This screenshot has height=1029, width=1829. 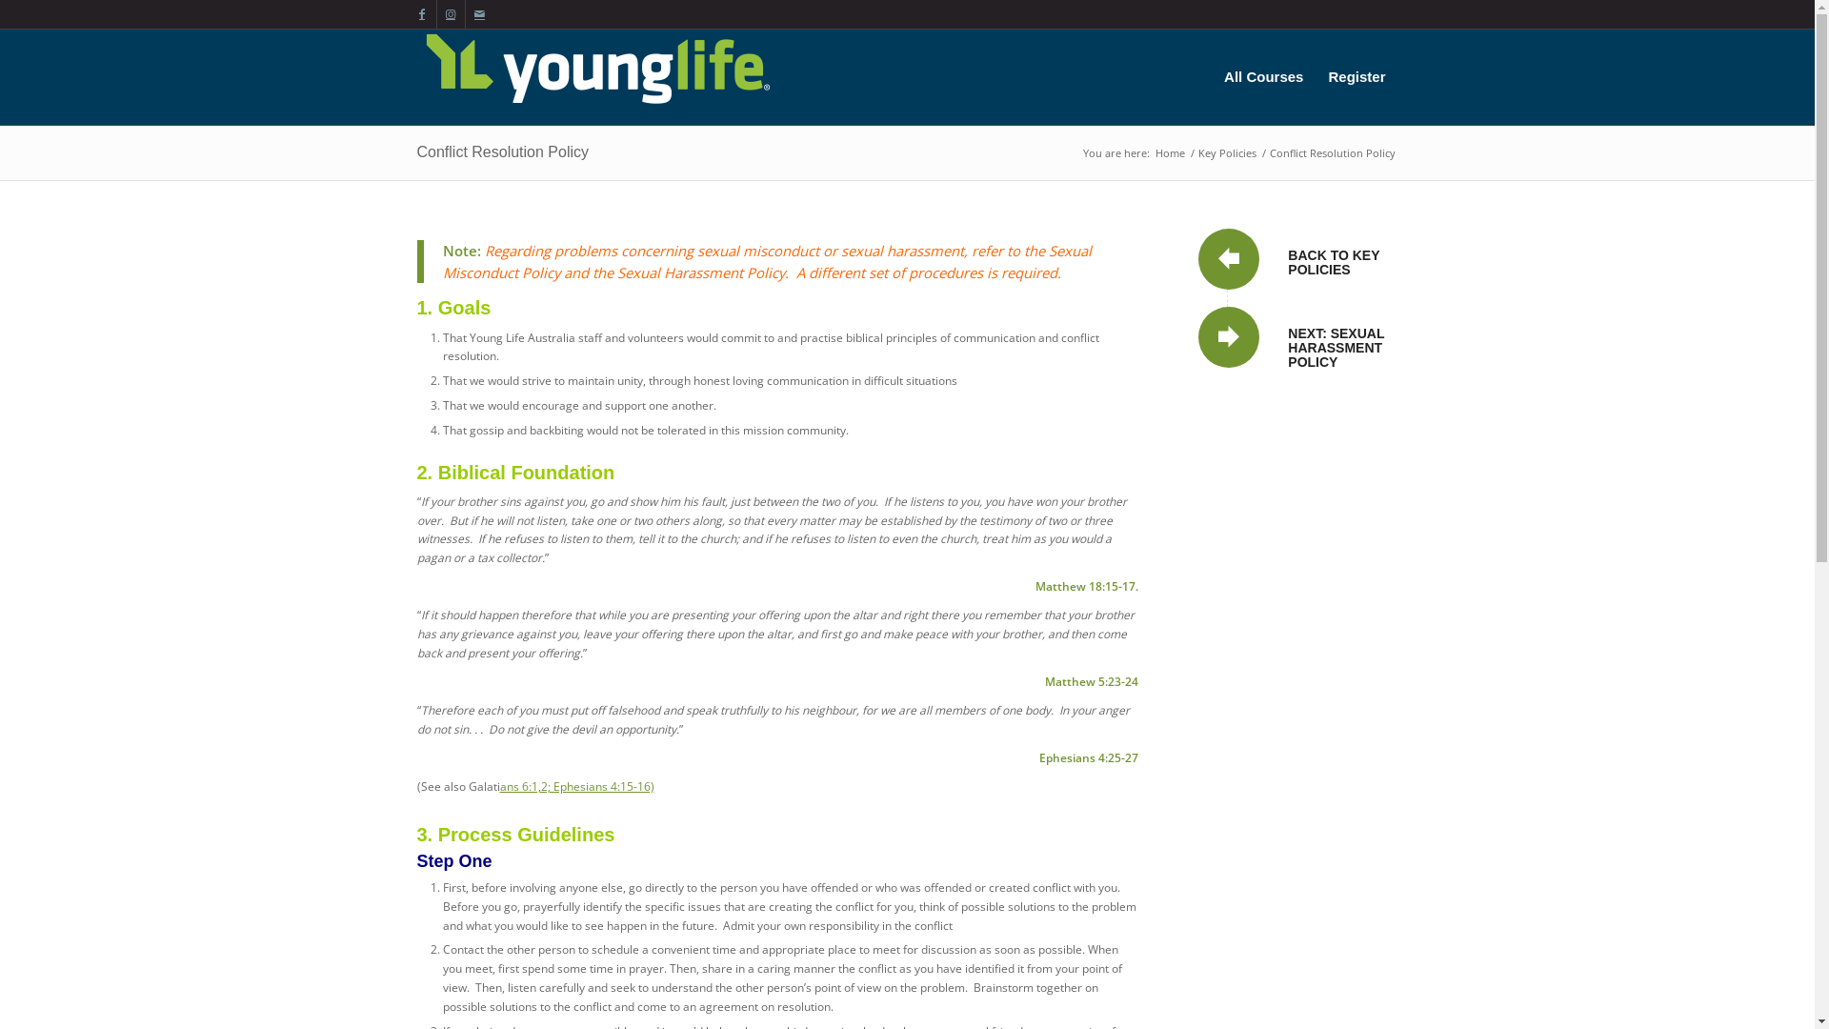 I want to click on 'Facebook', so click(x=420, y=14).